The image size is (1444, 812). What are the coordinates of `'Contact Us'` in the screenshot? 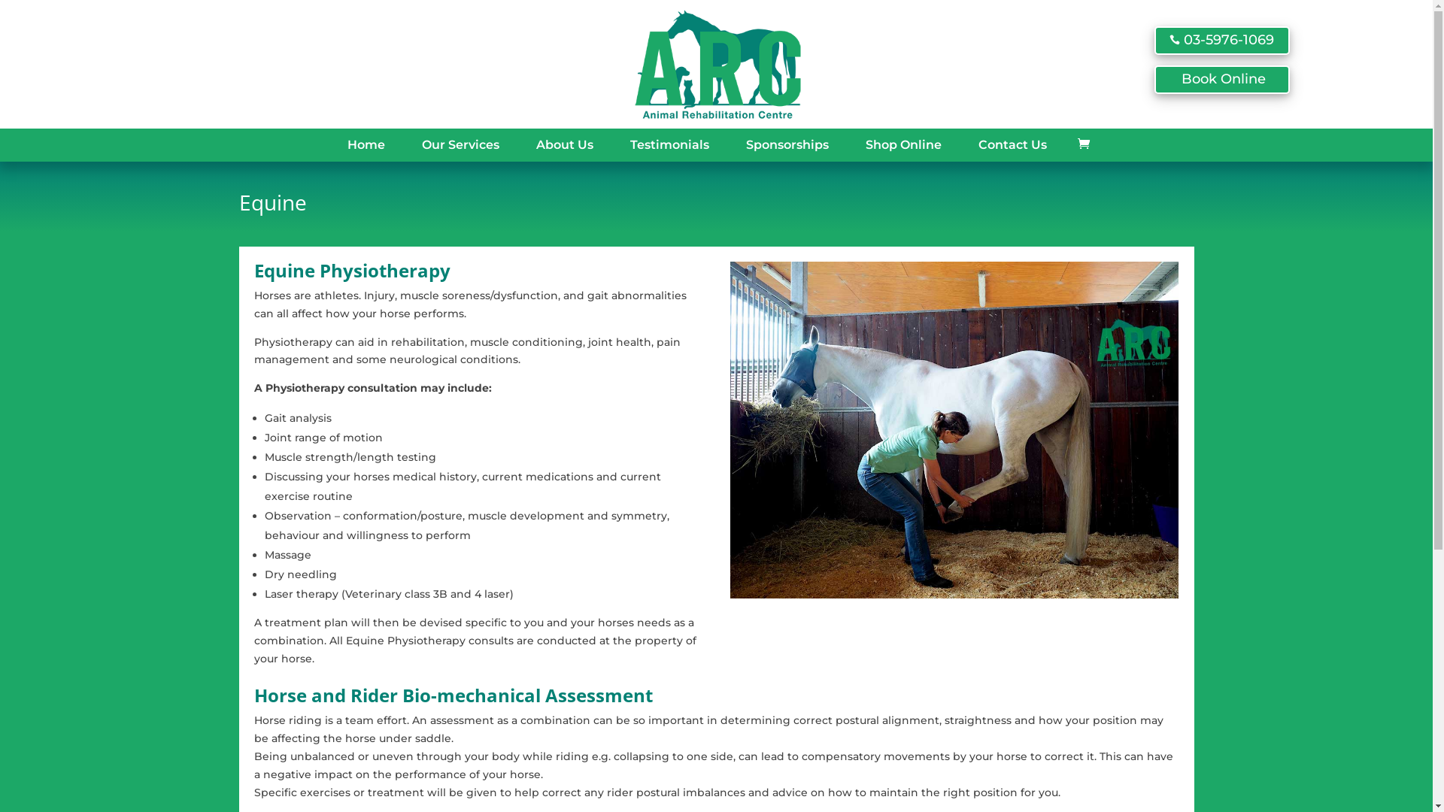 It's located at (967, 144).